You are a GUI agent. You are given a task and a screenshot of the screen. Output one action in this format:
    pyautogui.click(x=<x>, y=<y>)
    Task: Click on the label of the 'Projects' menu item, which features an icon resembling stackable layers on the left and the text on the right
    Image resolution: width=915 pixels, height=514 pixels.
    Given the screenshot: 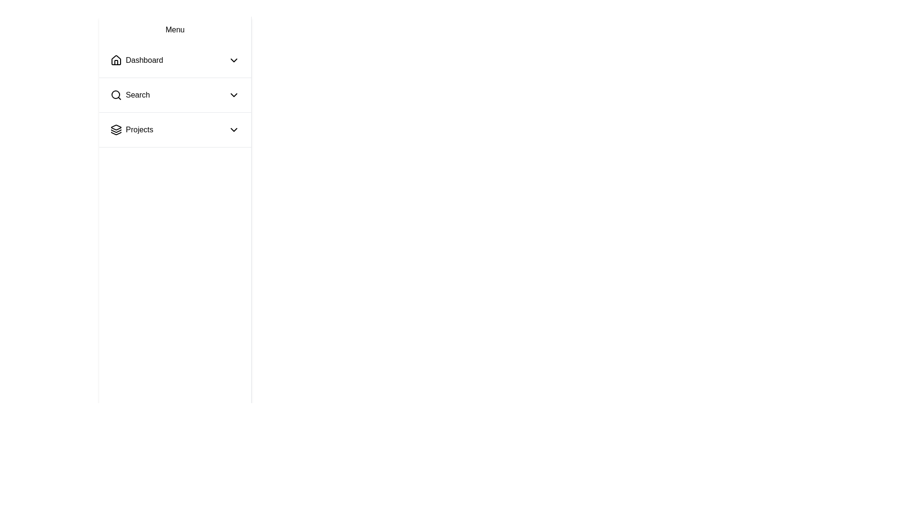 What is the action you would take?
    pyautogui.click(x=131, y=130)
    